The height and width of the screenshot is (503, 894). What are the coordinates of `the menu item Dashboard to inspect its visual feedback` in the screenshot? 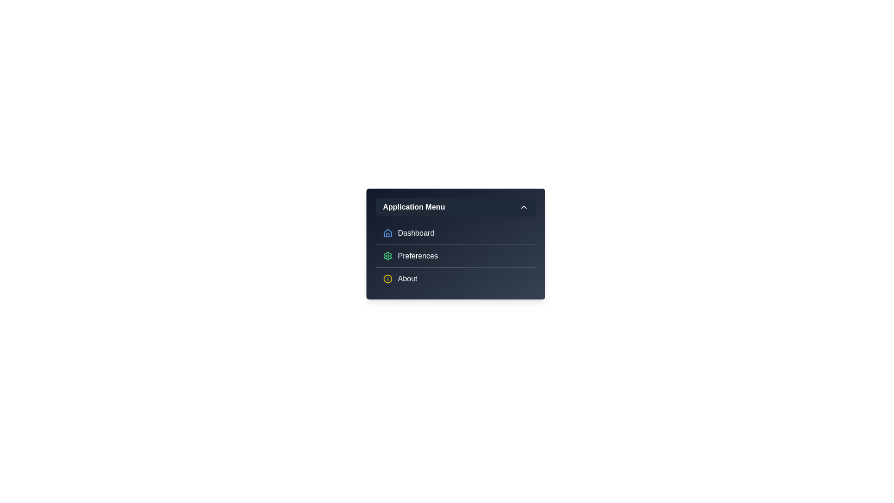 It's located at (455, 233).